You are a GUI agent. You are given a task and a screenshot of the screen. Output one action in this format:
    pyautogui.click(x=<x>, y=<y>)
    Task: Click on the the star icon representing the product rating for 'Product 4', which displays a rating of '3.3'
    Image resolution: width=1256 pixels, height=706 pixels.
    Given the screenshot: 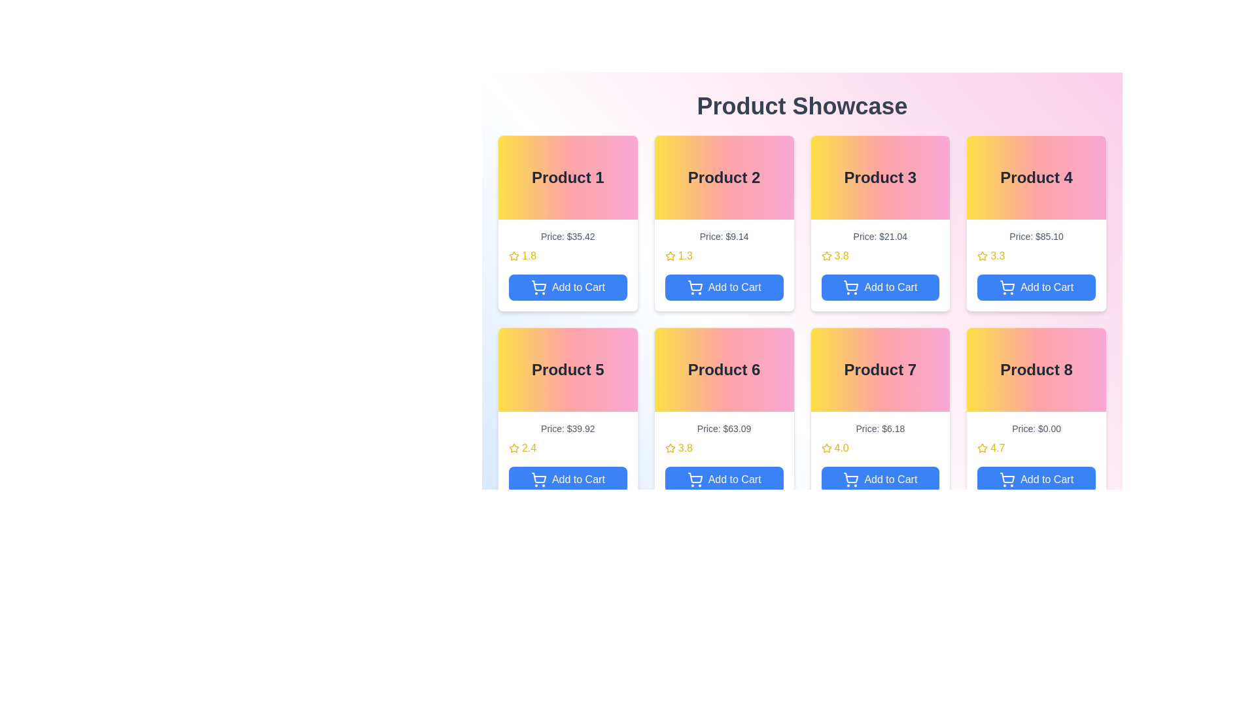 What is the action you would take?
    pyautogui.click(x=983, y=256)
    